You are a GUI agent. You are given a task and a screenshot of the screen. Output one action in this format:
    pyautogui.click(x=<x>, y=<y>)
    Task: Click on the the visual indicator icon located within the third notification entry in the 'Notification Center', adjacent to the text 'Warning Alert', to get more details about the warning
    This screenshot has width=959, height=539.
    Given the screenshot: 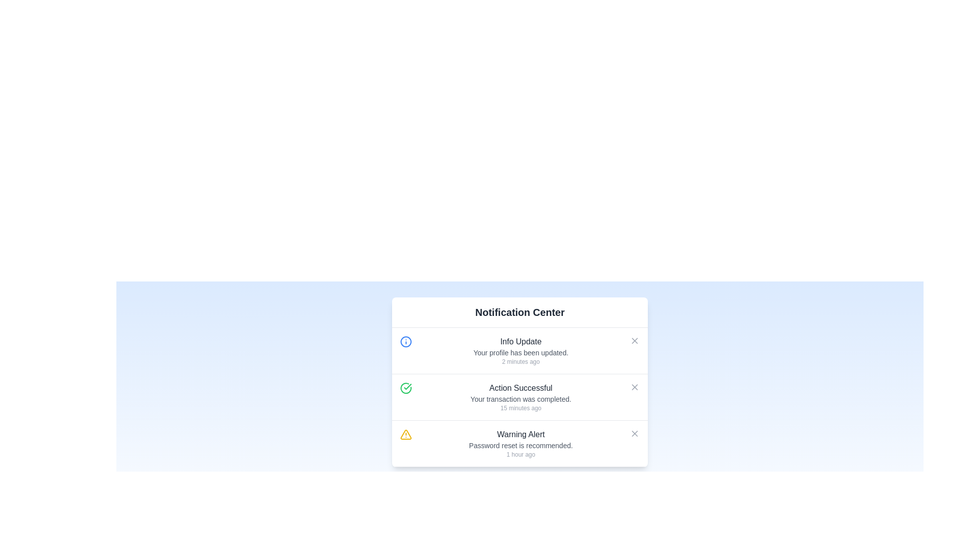 What is the action you would take?
    pyautogui.click(x=406, y=434)
    